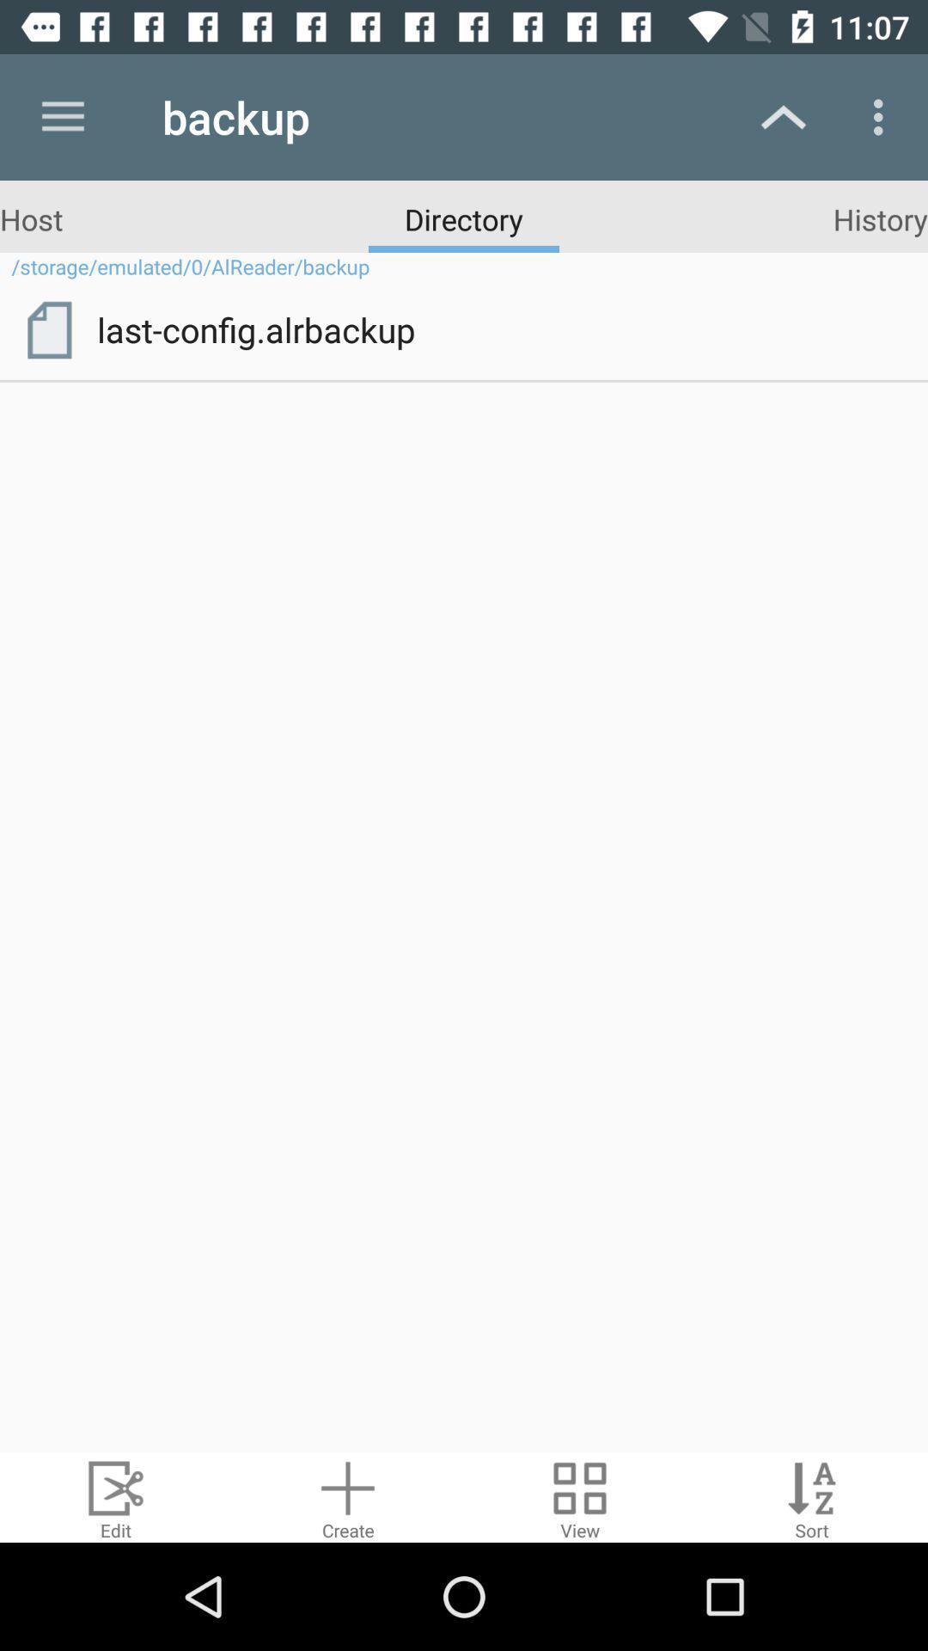  Describe the element at coordinates (580, 1496) in the screenshot. I see `view` at that location.